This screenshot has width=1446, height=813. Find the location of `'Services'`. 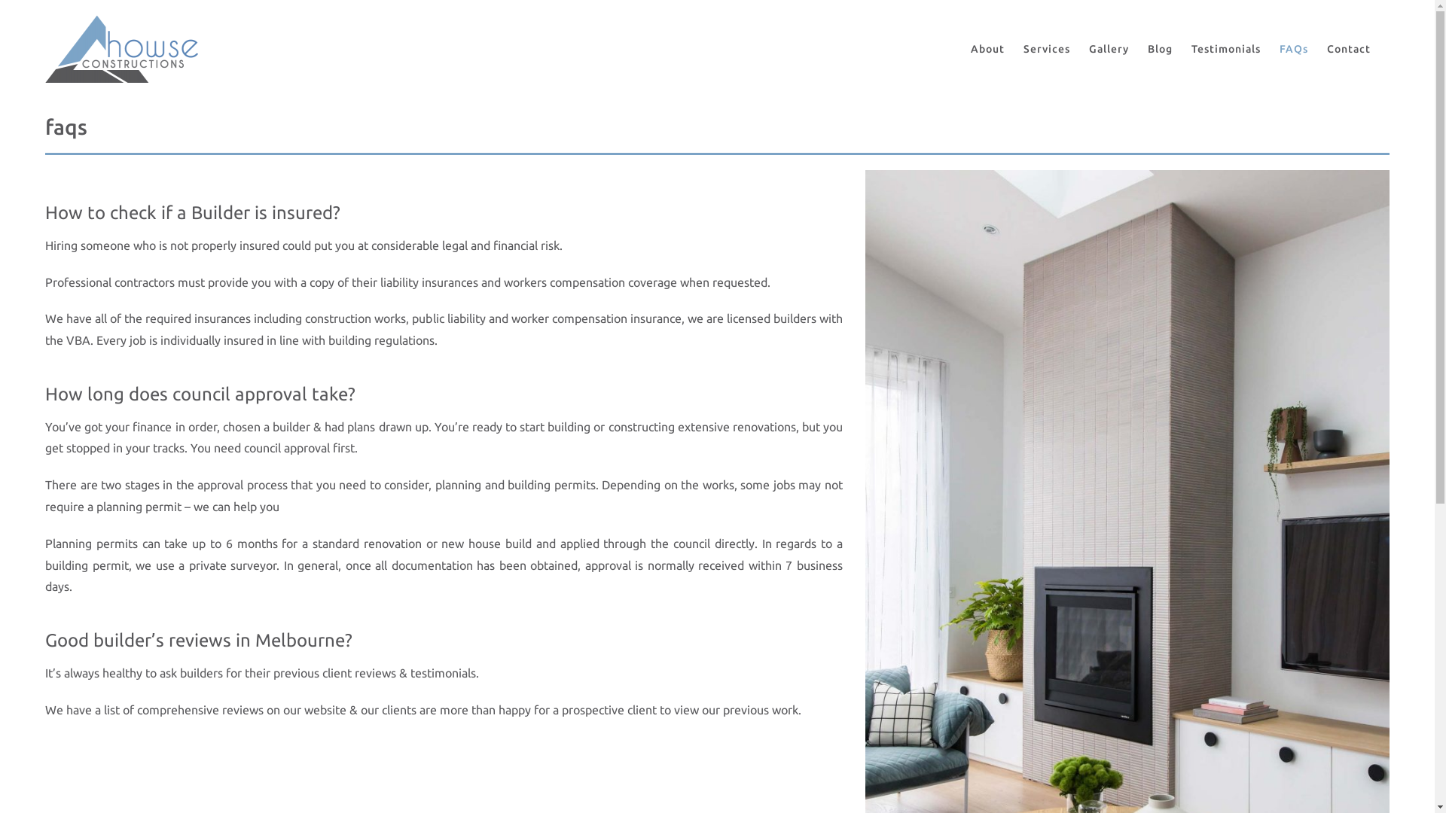

'Services' is located at coordinates (1046, 48).